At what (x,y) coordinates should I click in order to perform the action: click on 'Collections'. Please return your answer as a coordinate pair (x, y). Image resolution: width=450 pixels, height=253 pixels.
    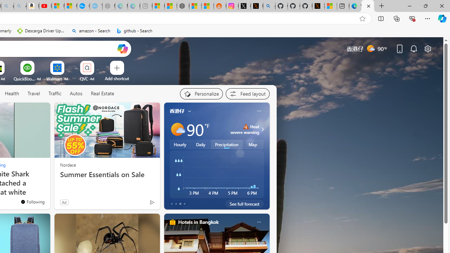
    Looking at the image, I should click on (397, 18).